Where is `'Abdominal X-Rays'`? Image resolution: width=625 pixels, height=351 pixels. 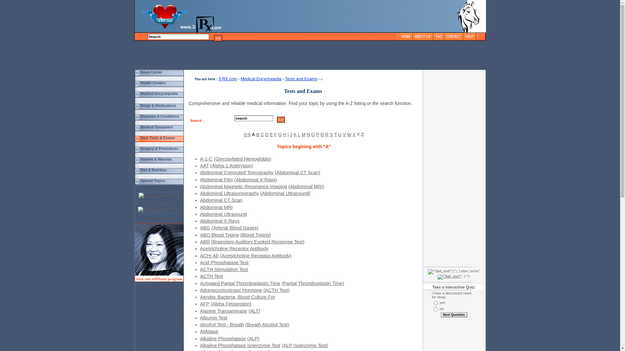 'Abdominal X-Rays' is located at coordinates (219, 220).